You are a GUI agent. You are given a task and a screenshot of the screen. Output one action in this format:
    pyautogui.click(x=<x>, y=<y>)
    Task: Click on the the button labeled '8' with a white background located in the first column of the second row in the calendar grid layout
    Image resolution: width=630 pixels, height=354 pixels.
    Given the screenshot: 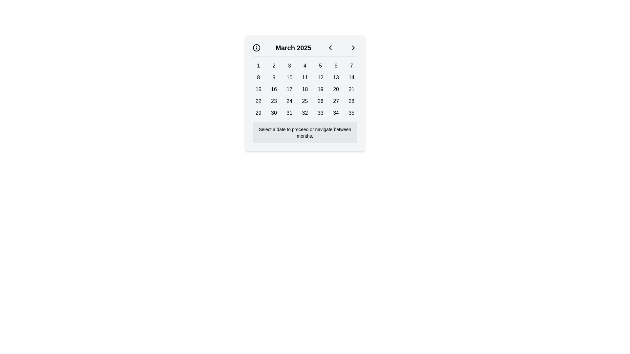 What is the action you would take?
    pyautogui.click(x=258, y=77)
    